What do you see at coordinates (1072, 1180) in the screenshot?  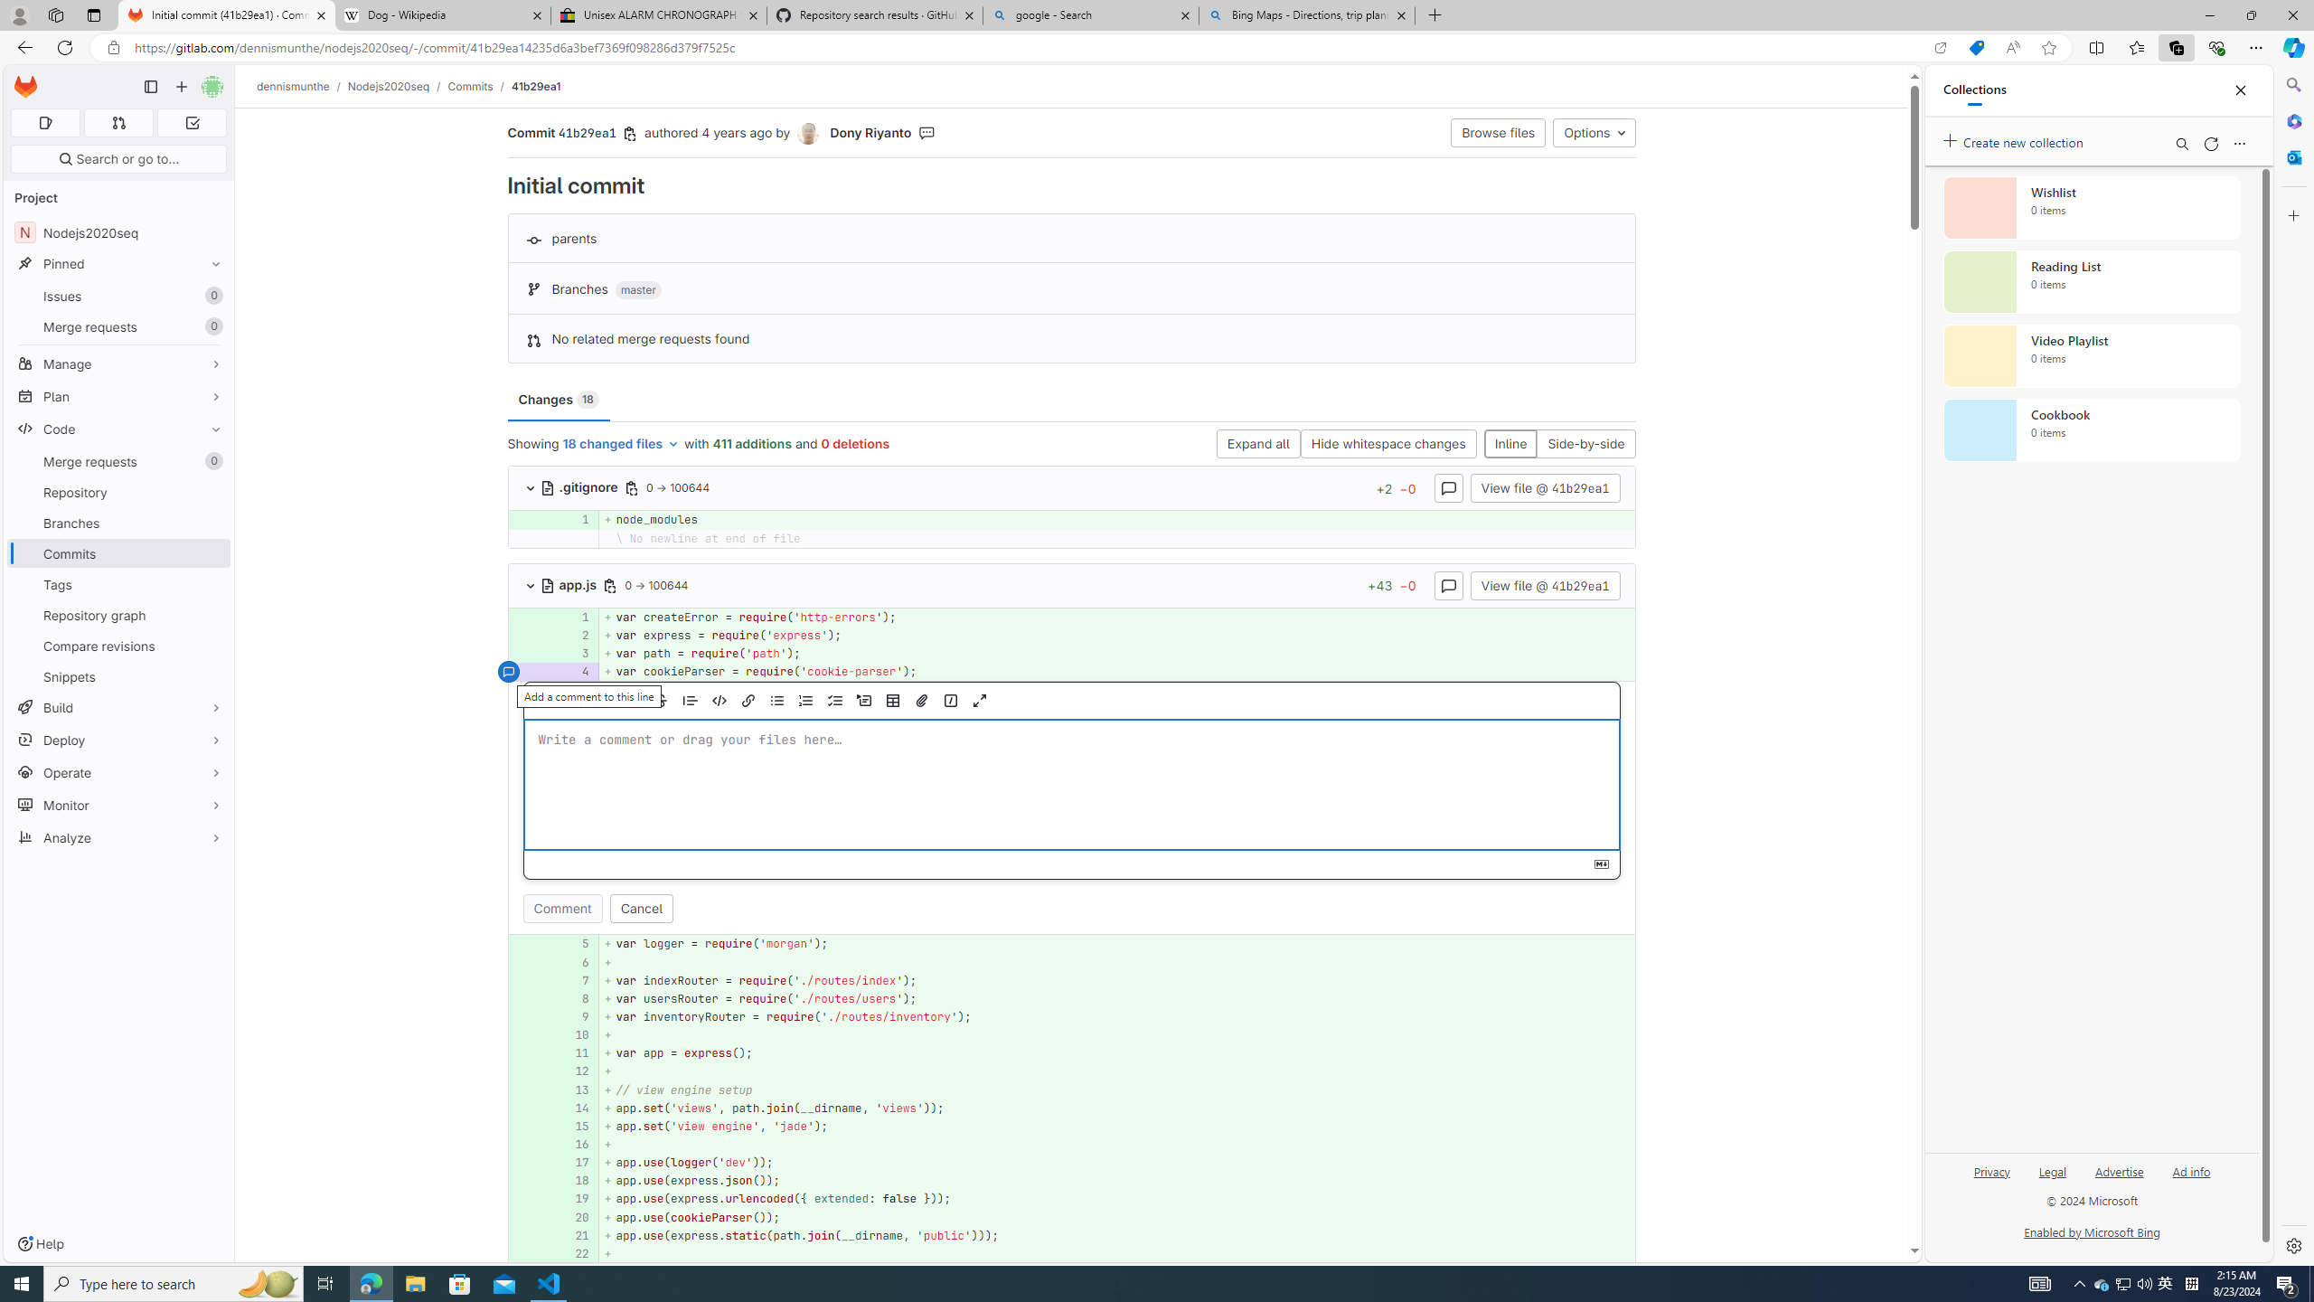 I see `'AutomationID: 4a68969ef8e858229267b842dedf42ab5dde4d50_0_18'` at bounding box center [1072, 1180].